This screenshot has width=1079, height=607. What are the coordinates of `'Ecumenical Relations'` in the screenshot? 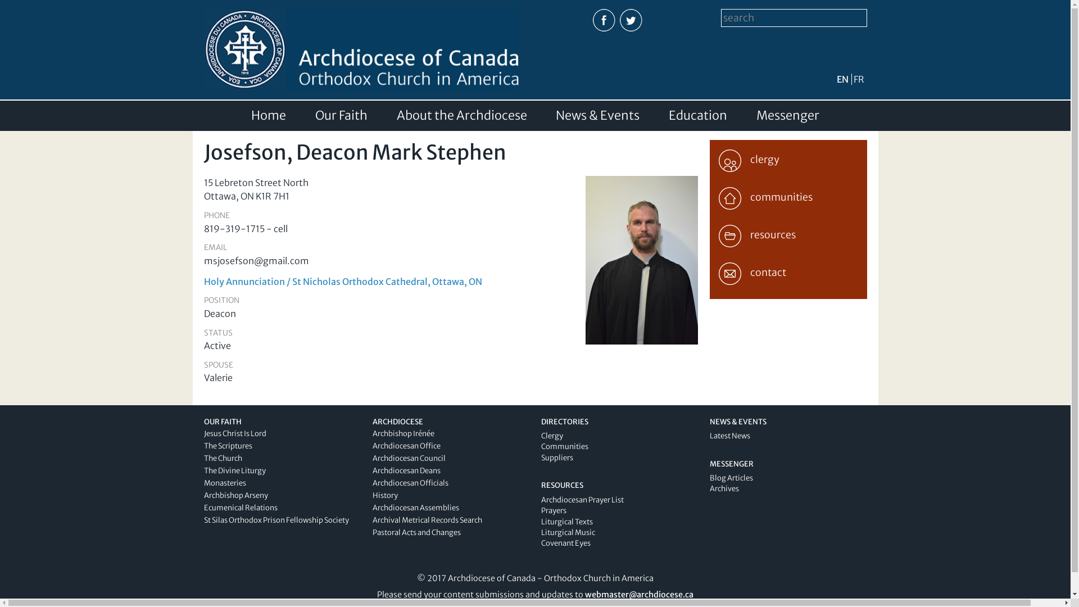 It's located at (203, 508).